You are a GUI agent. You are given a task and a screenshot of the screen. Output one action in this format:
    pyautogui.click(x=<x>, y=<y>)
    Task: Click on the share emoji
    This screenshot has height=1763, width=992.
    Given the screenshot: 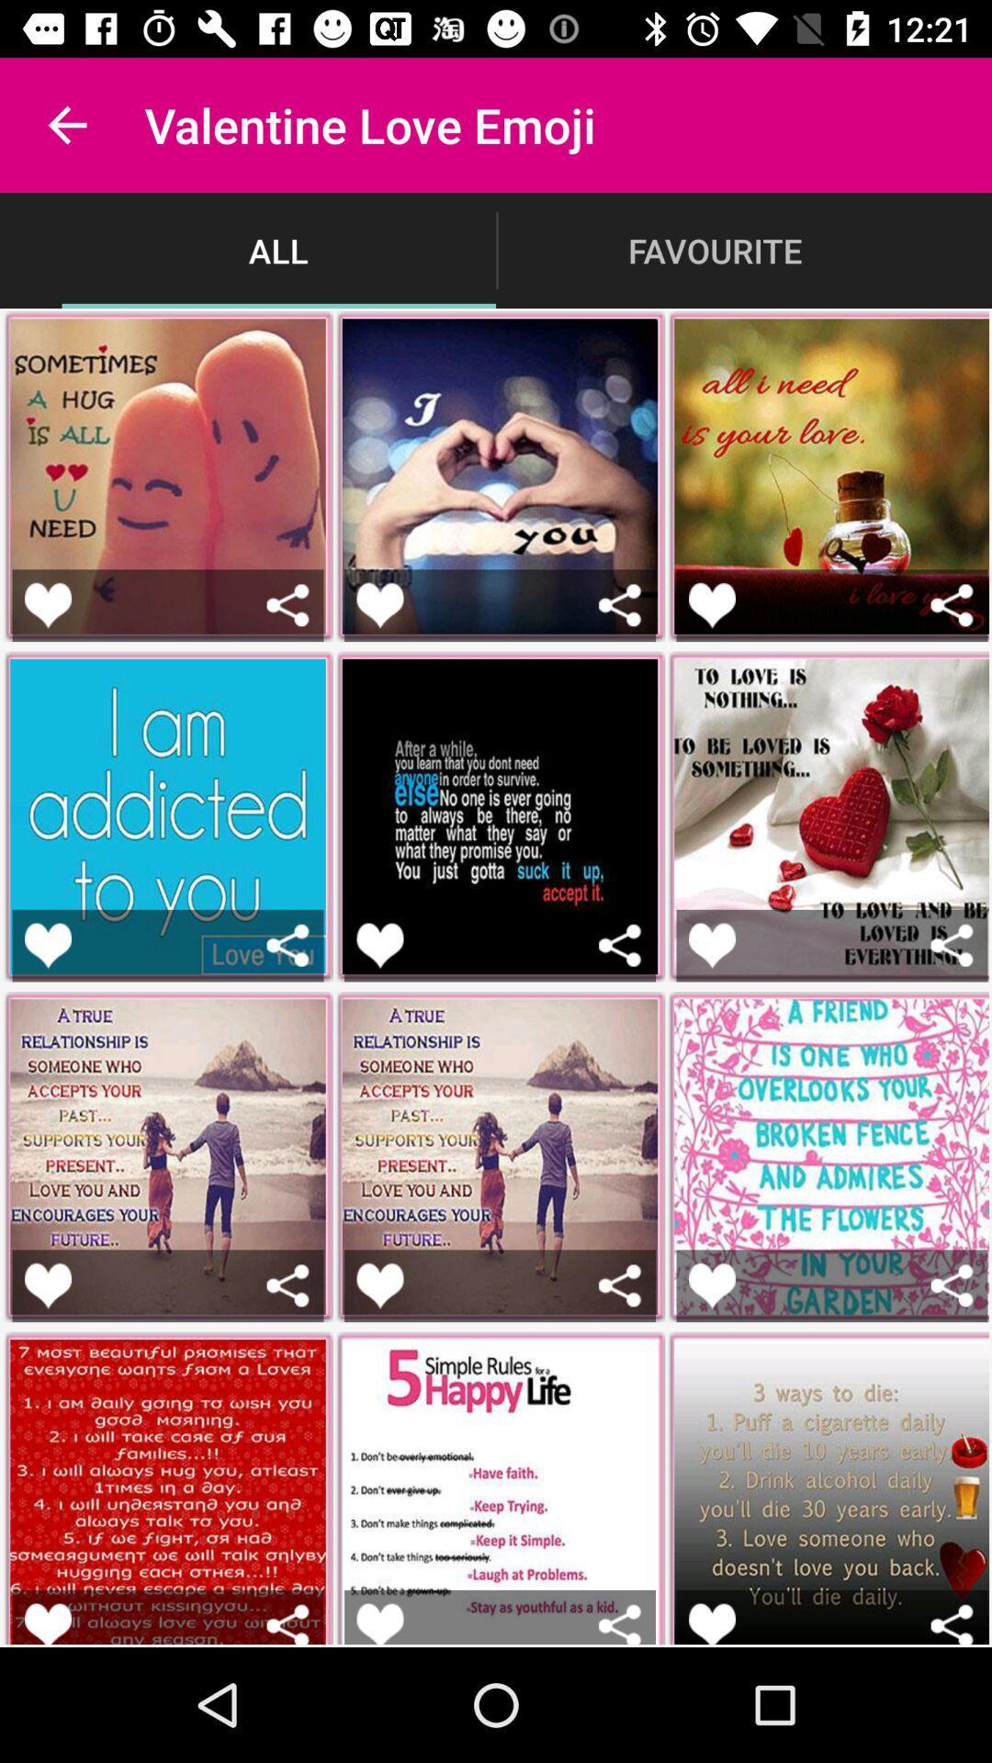 What is the action you would take?
    pyautogui.click(x=620, y=605)
    